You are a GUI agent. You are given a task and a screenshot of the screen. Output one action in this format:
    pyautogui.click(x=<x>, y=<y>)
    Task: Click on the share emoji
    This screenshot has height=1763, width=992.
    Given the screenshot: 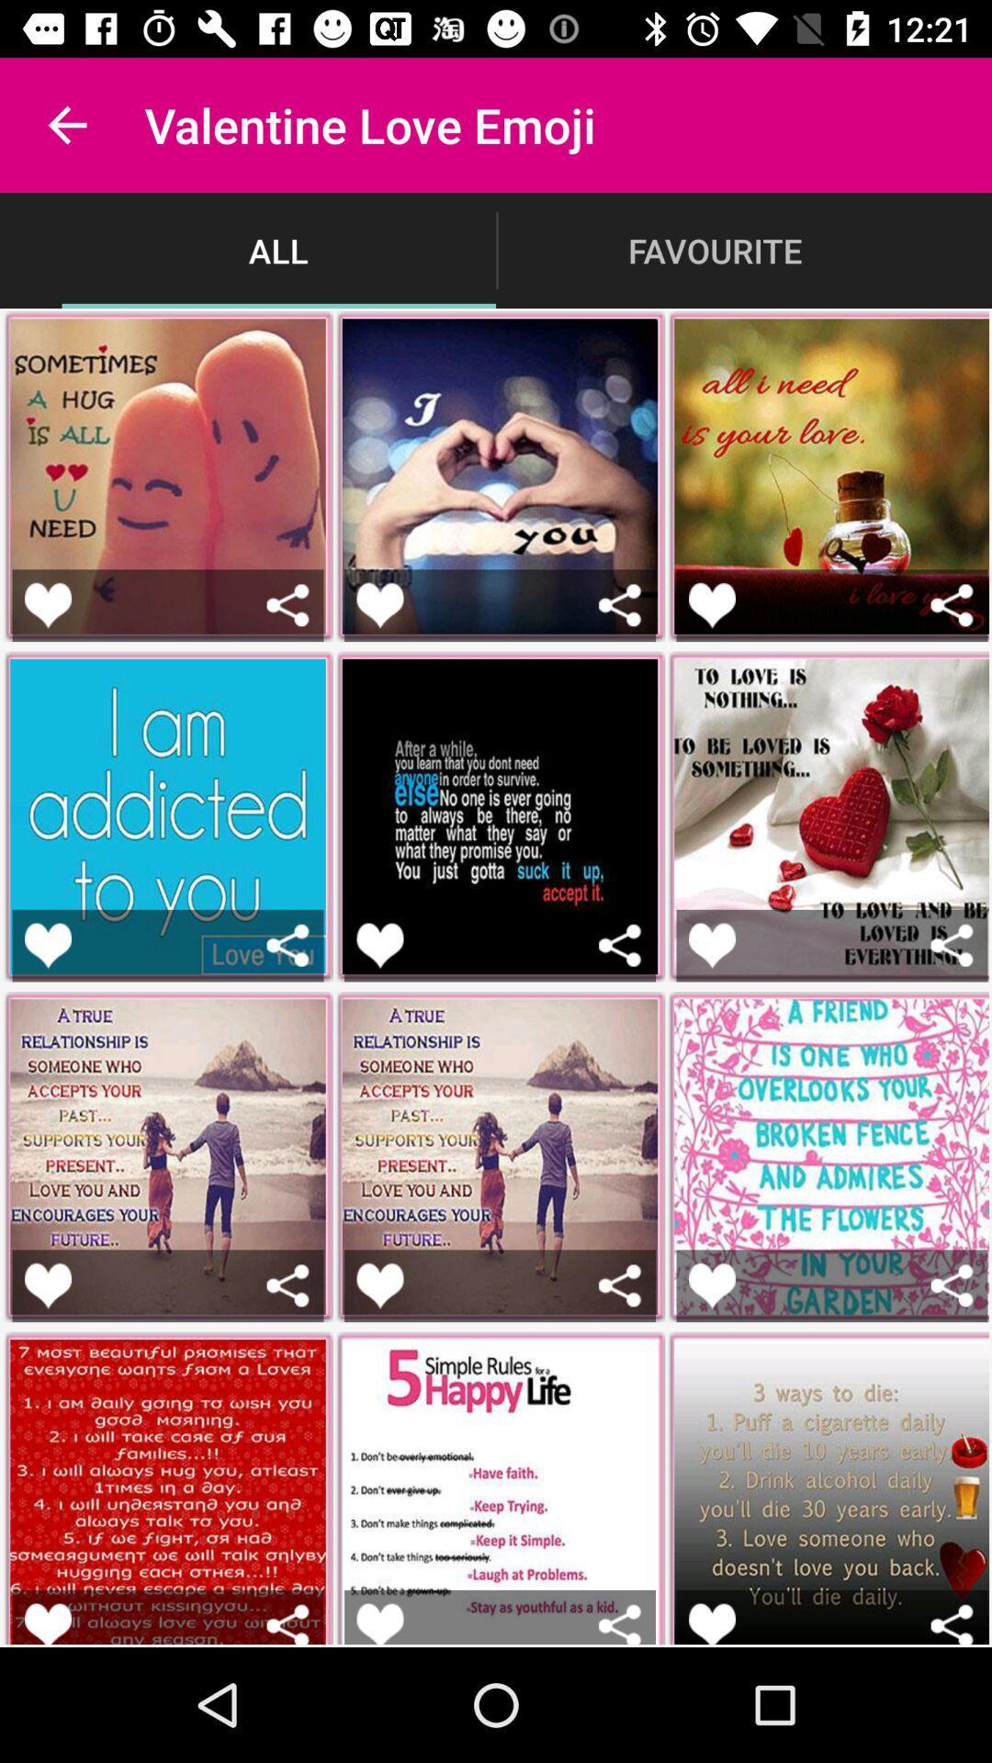 What is the action you would take?
    pyautogui.click(x=620, y=605)
    